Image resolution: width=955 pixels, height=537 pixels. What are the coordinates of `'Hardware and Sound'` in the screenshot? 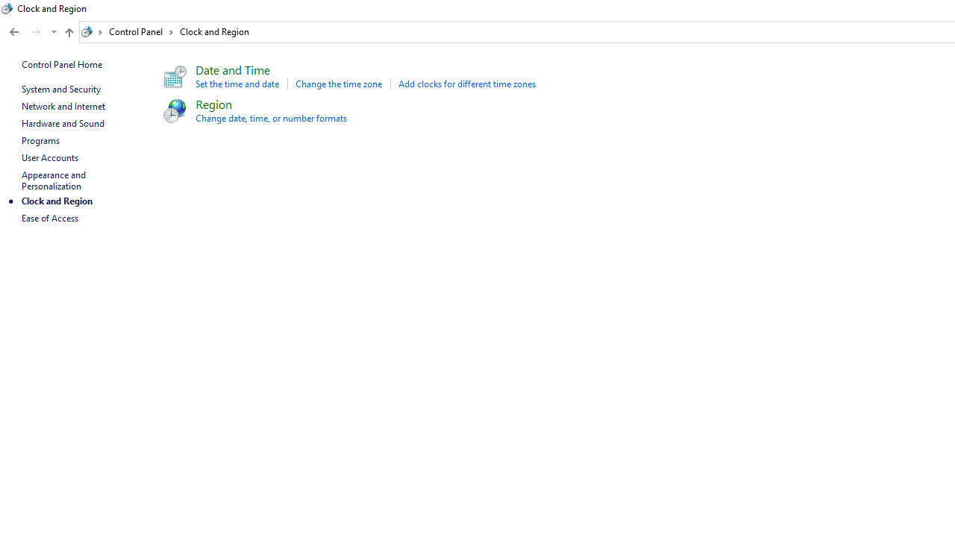 It's located at (62, 122).